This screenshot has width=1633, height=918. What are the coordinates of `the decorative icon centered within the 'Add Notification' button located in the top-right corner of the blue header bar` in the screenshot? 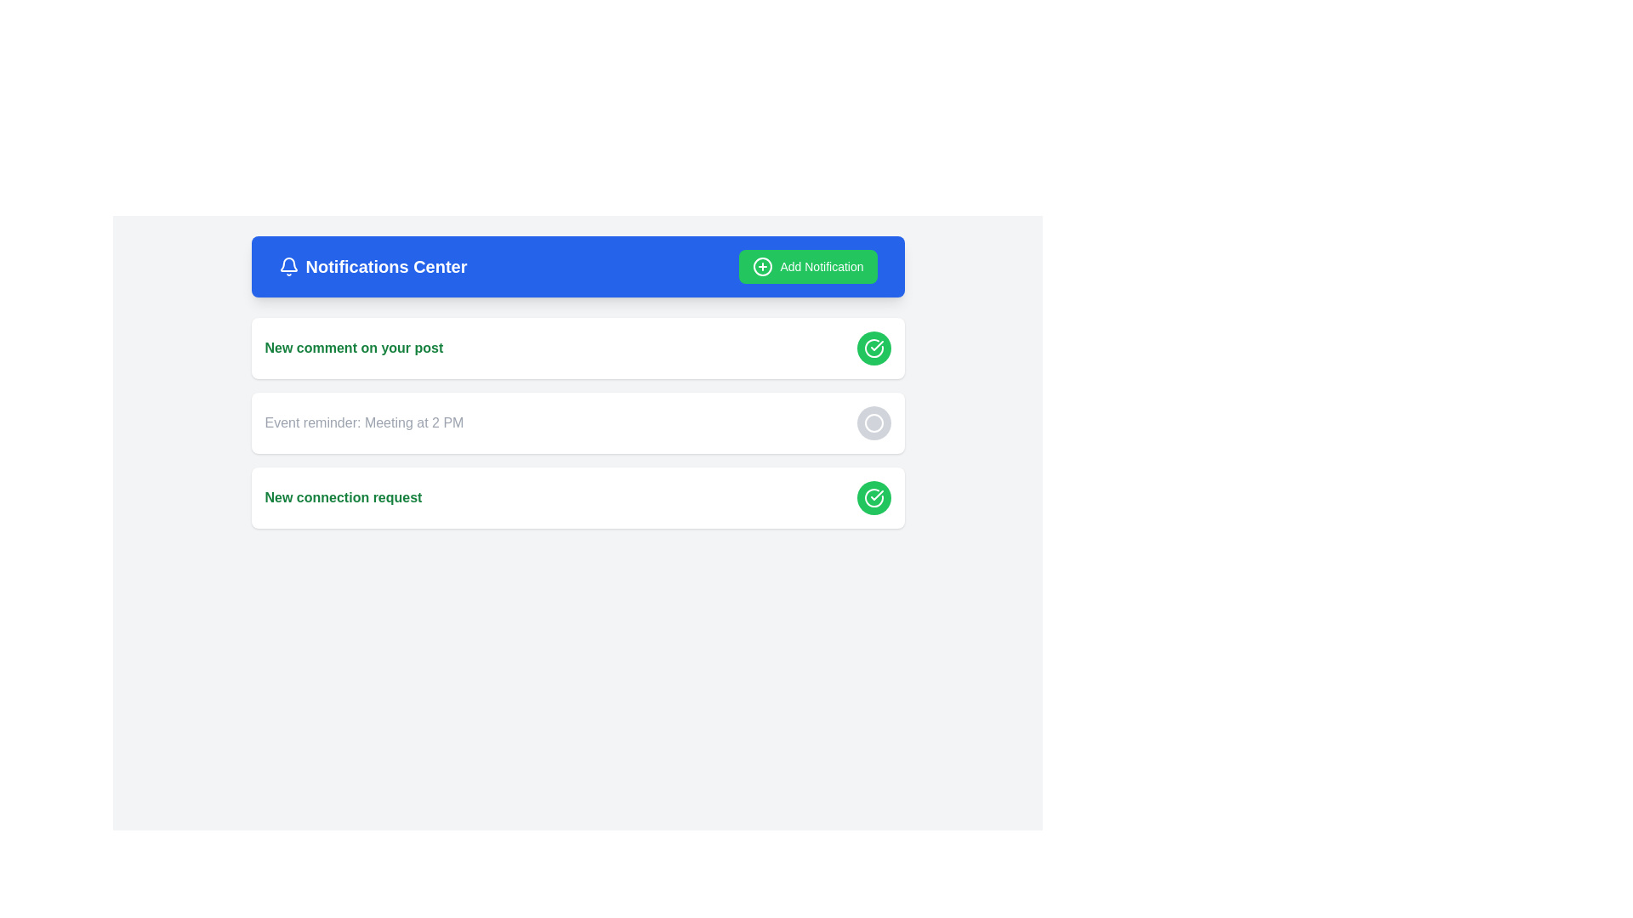 It's located at (762, 266).